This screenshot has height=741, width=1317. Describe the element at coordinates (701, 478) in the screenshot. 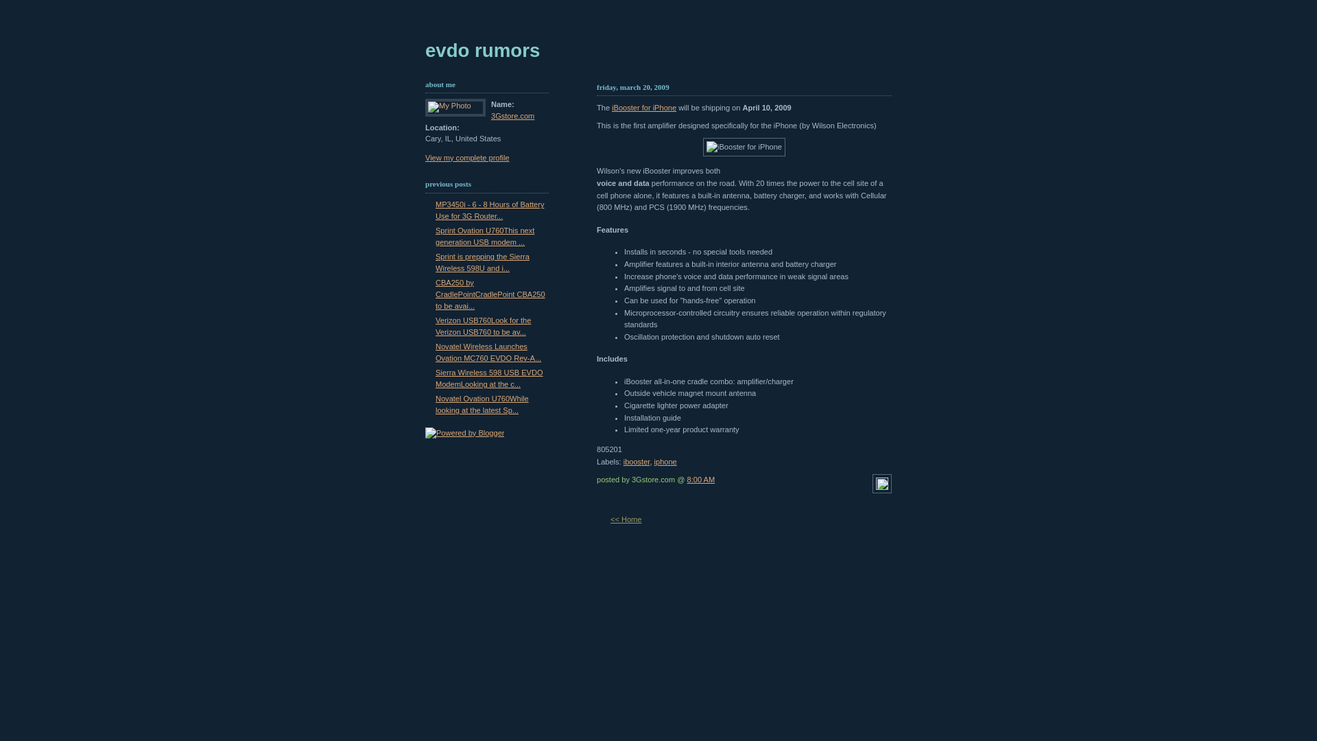

I see `'8:00 AM'` at that location.